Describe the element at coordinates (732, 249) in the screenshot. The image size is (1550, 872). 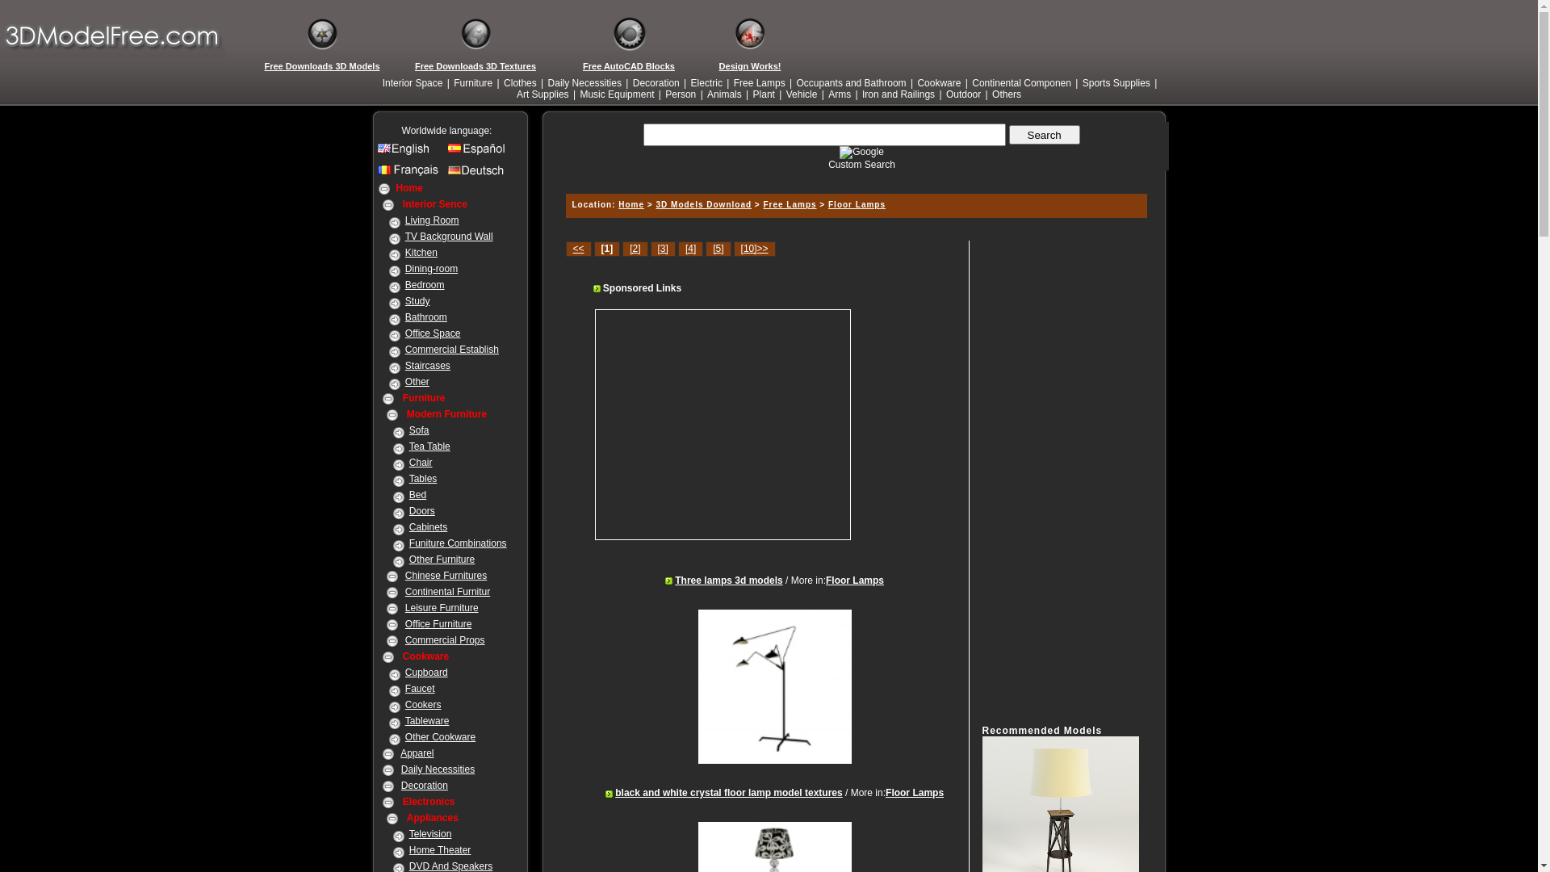
I see `'[10]>>'` at that location.